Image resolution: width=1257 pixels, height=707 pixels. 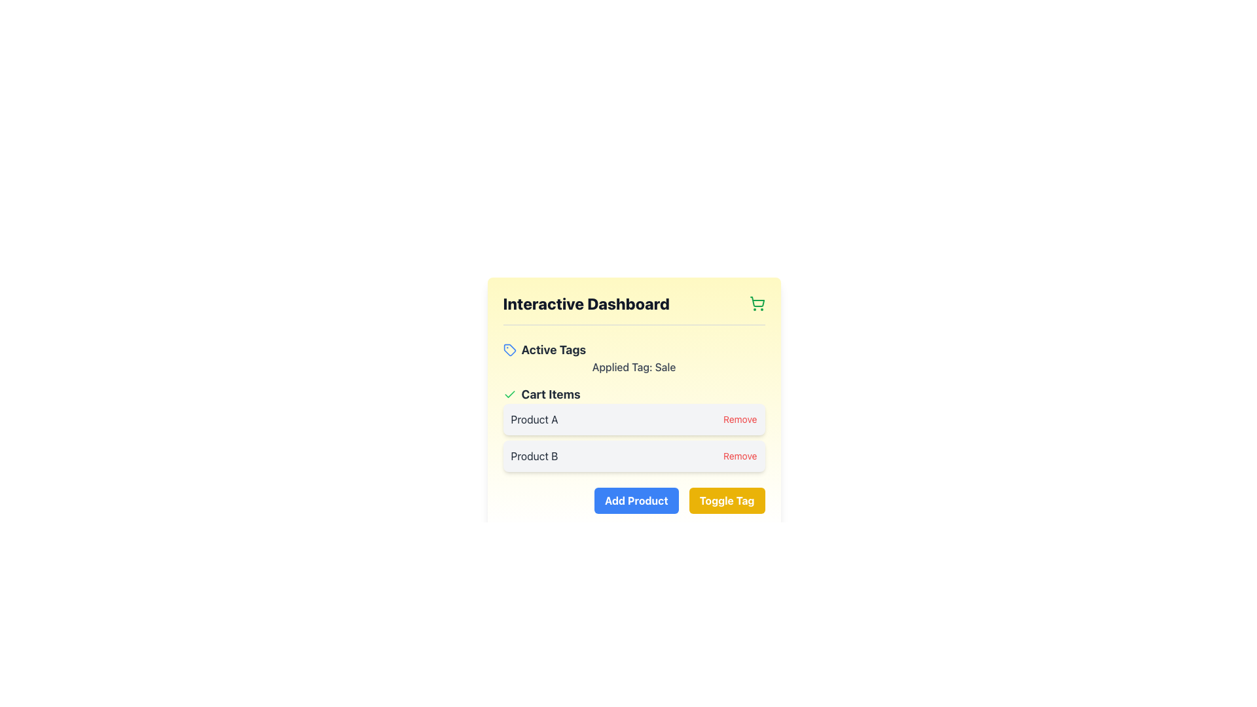 What do you see at coordinates (634, 367) in the screenshot?
I see `the 'Applied Tag: Sale' text label, which is styled with gray color and medium font weight, located below the 'Active Tags' header` at bounding box center [634, 367].